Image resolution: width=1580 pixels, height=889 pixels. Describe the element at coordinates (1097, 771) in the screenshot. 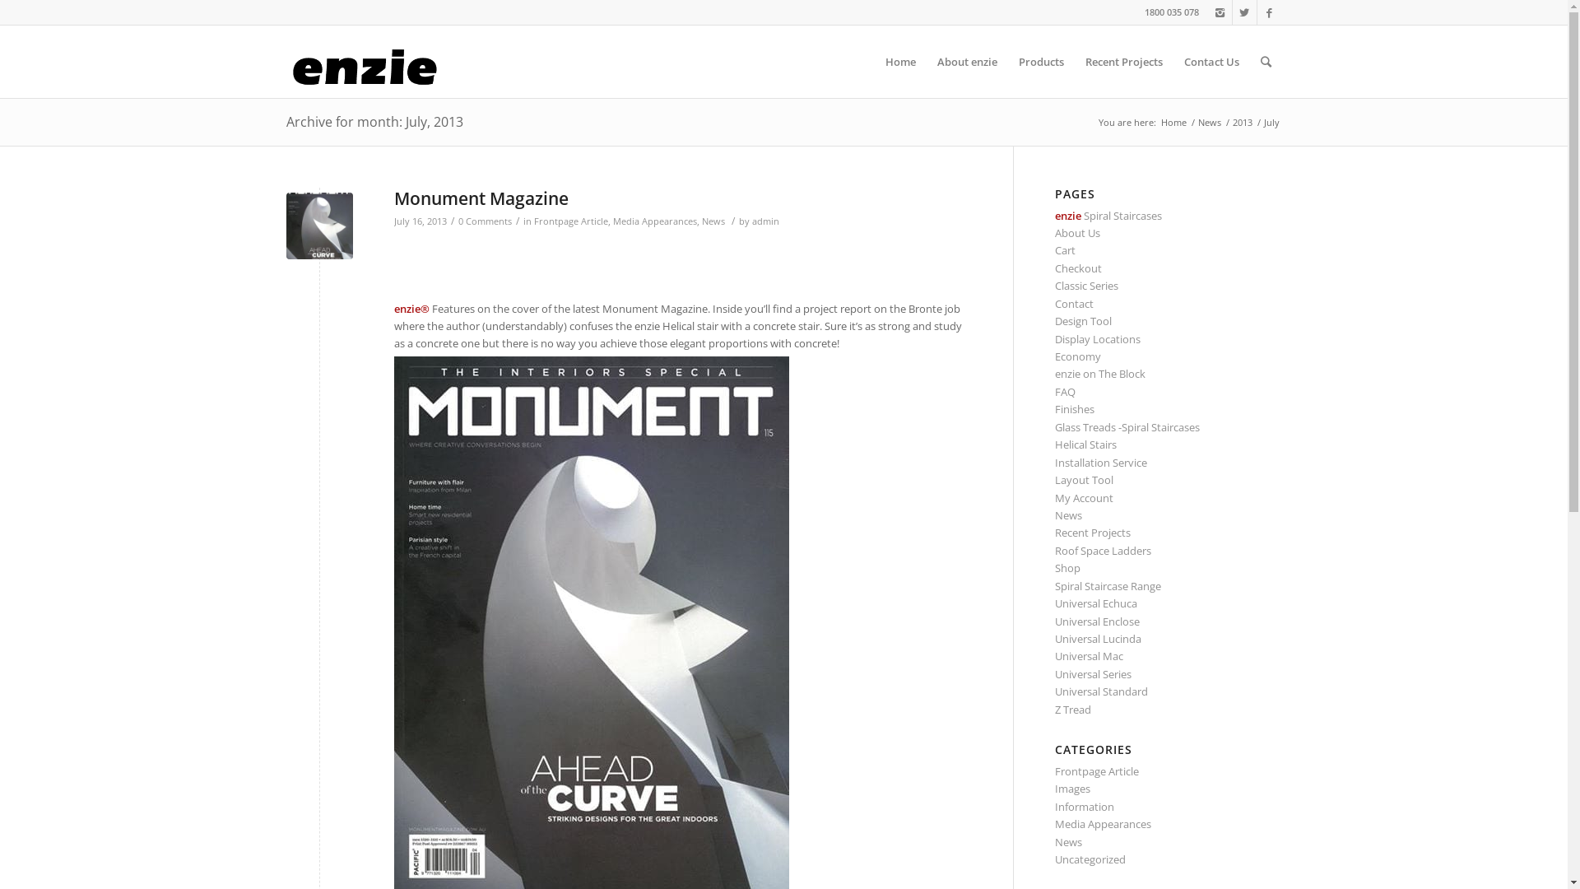

I see `'Frontpage Article'` at that location.